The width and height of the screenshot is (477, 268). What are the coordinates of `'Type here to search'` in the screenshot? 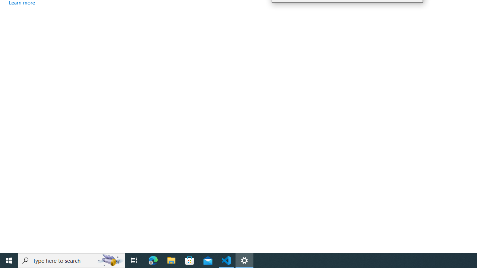 It's located at (72, 260).